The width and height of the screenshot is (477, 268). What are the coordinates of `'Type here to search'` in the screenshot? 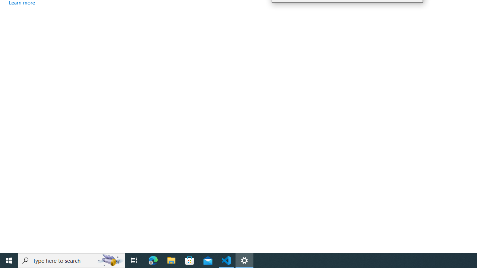 It's located at (72, 260).